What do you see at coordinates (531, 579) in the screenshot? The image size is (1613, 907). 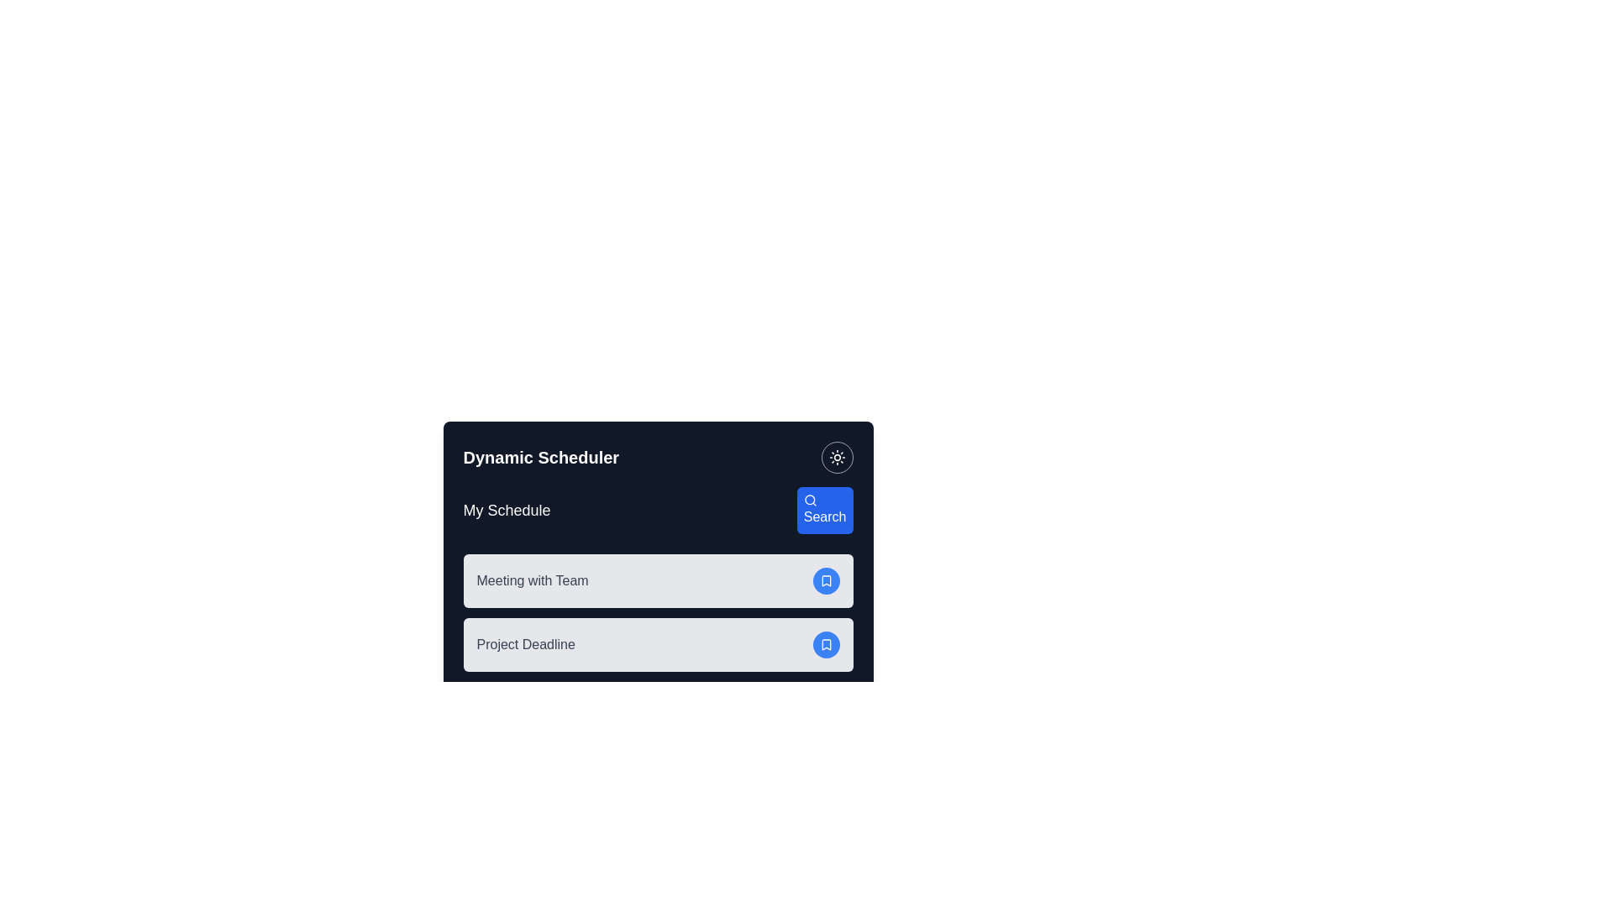 I see `the text label reading 'Meeting with Team'` at bounding box center [531, 579].